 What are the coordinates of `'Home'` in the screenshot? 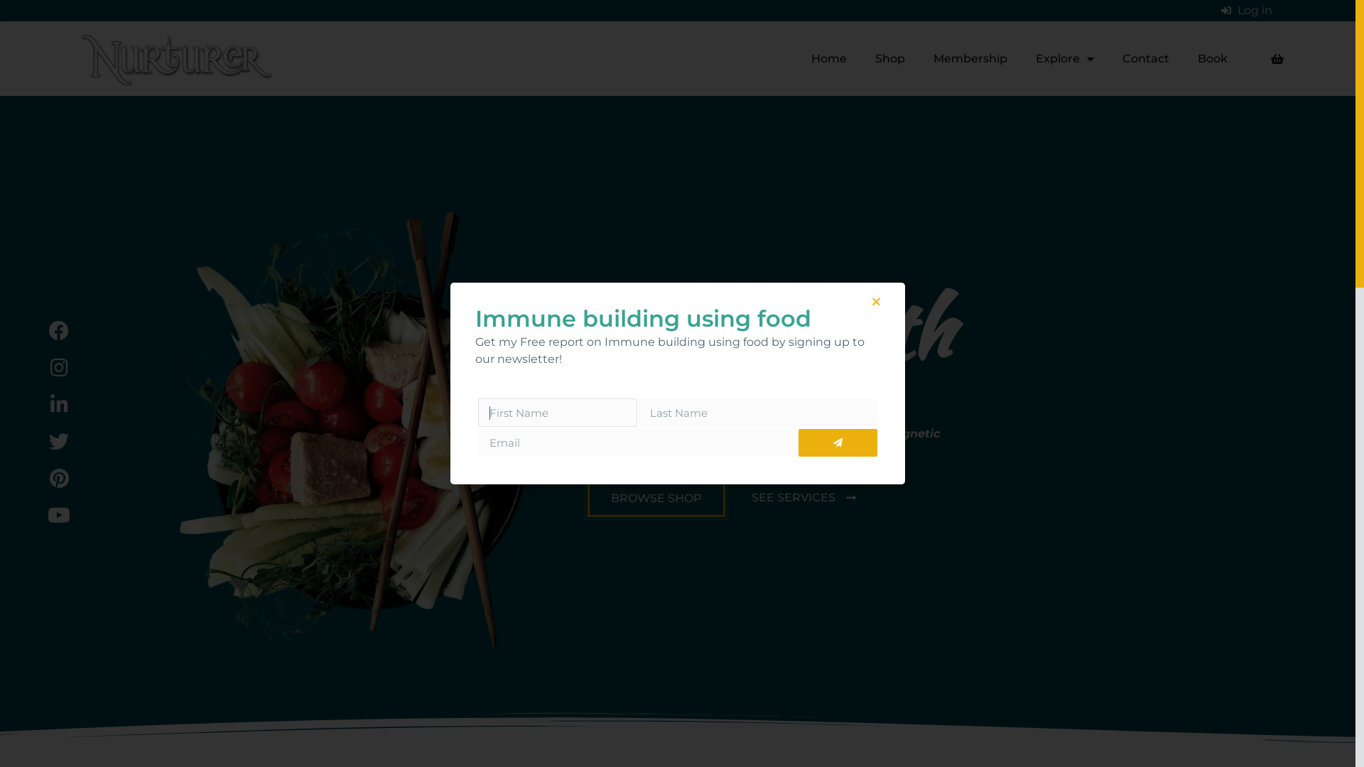 It's located at (828, 58).